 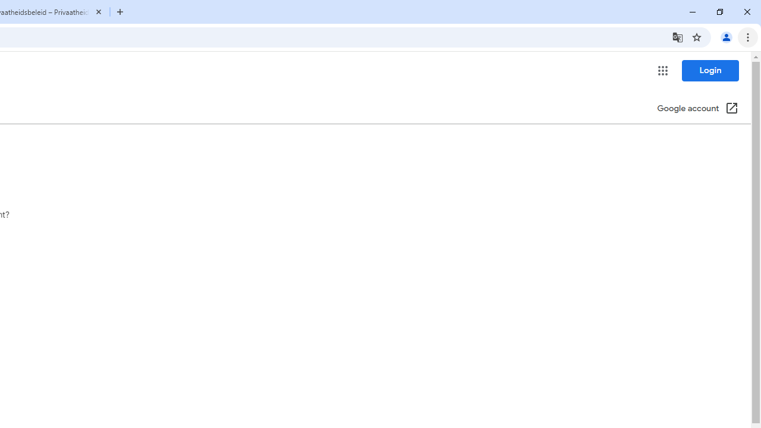 I want to click on 'Minimize', so click(x=693, y=12).